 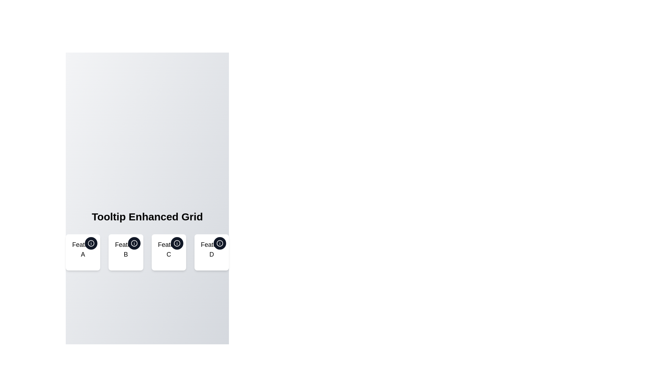 I want to click on the second circular icon in the horizontally arranged set of four icons above the 'Feat B' label, which is part of a glyph styled interface, so click(x=134, y=243).